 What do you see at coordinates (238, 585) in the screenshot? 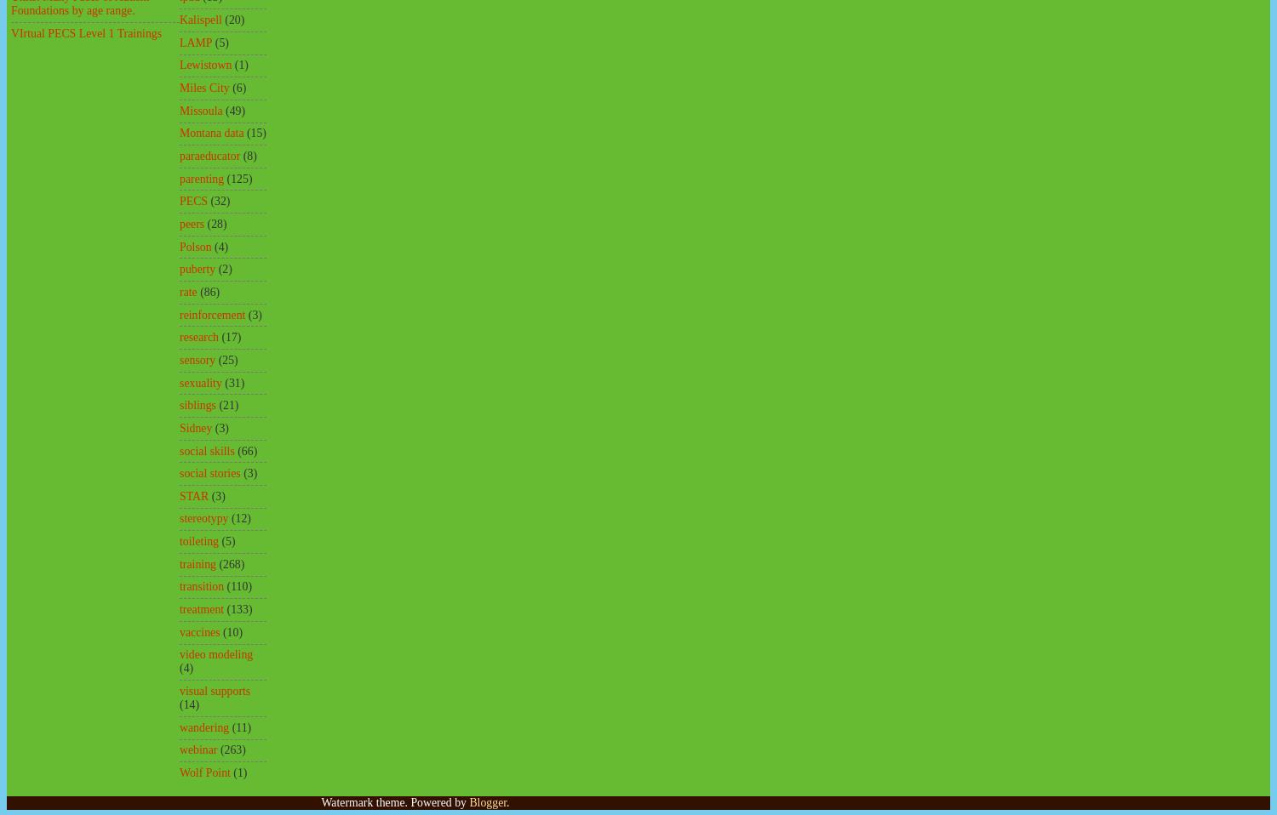
I see `'(110)'` at bounding box center [238, 585].